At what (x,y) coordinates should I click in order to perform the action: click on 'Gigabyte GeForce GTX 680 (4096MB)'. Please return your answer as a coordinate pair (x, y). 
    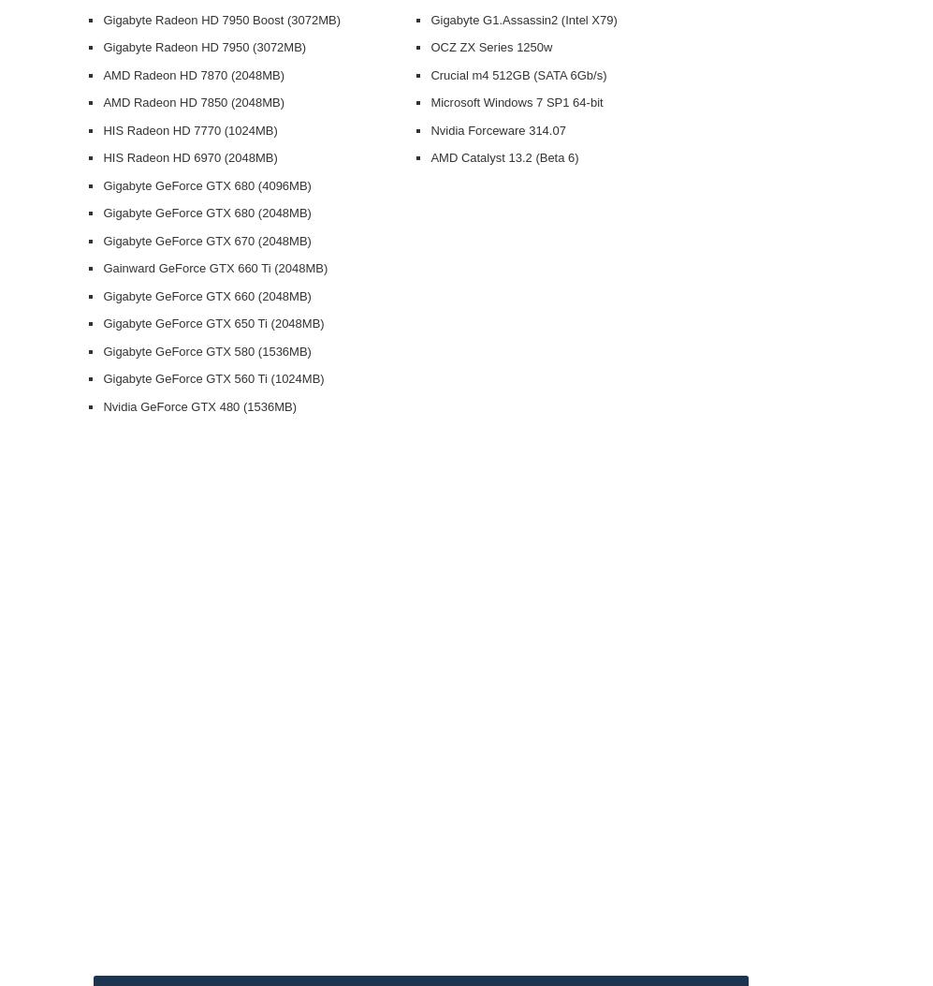
    Looking at the image, I should click on (102, 184).